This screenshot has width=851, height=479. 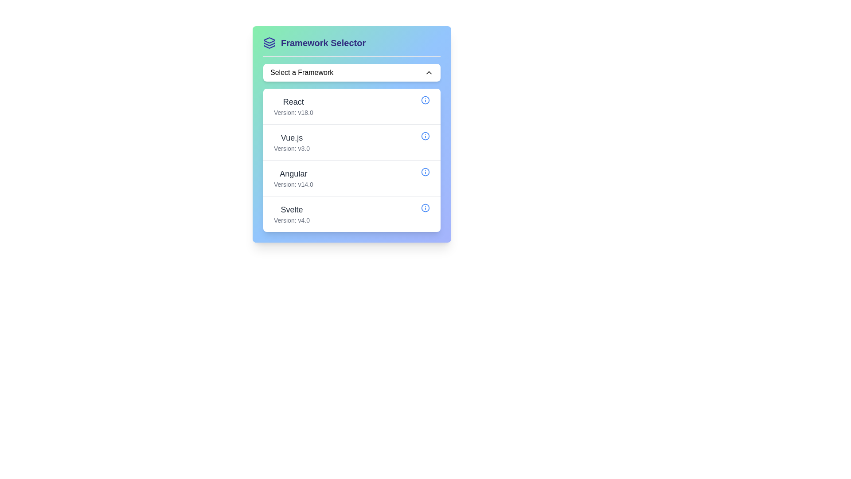 What do you see at coordinates (351, 214) in the screenshot?
I see `the fourth selectable list item indicating the Svelte framework` at bounding box center [351, 214].